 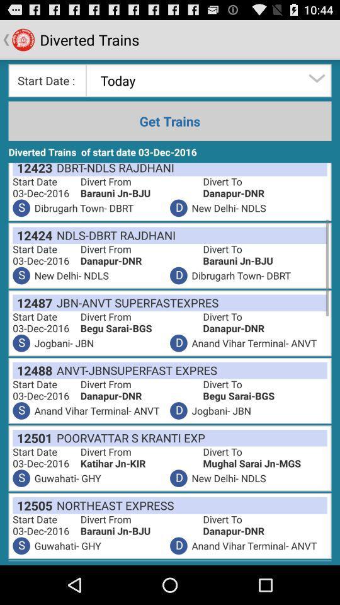 What do you see at coordinates (113, 505) in the screenshot?
I see `app below   d item` at bounding box center [113, 505].